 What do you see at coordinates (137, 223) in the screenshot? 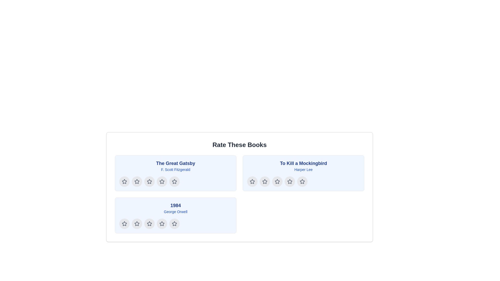
I see `the second star rating button for the title '1984'` at bounding box center [137, 223].